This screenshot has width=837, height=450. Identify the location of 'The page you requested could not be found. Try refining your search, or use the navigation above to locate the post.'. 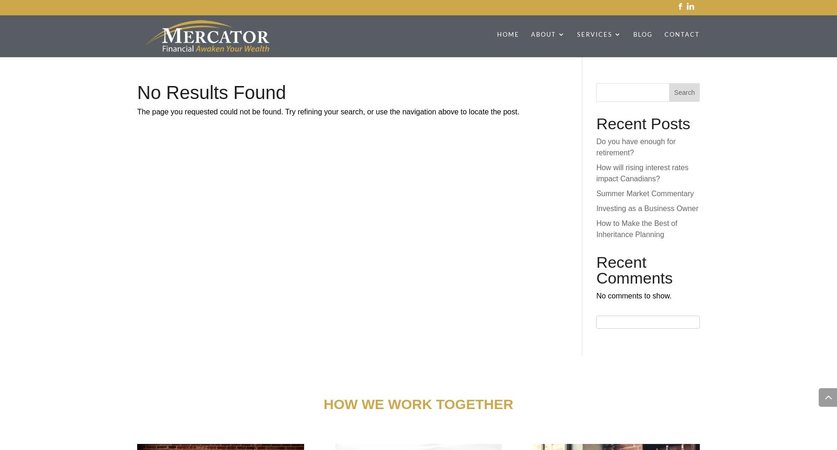
(327, 111).